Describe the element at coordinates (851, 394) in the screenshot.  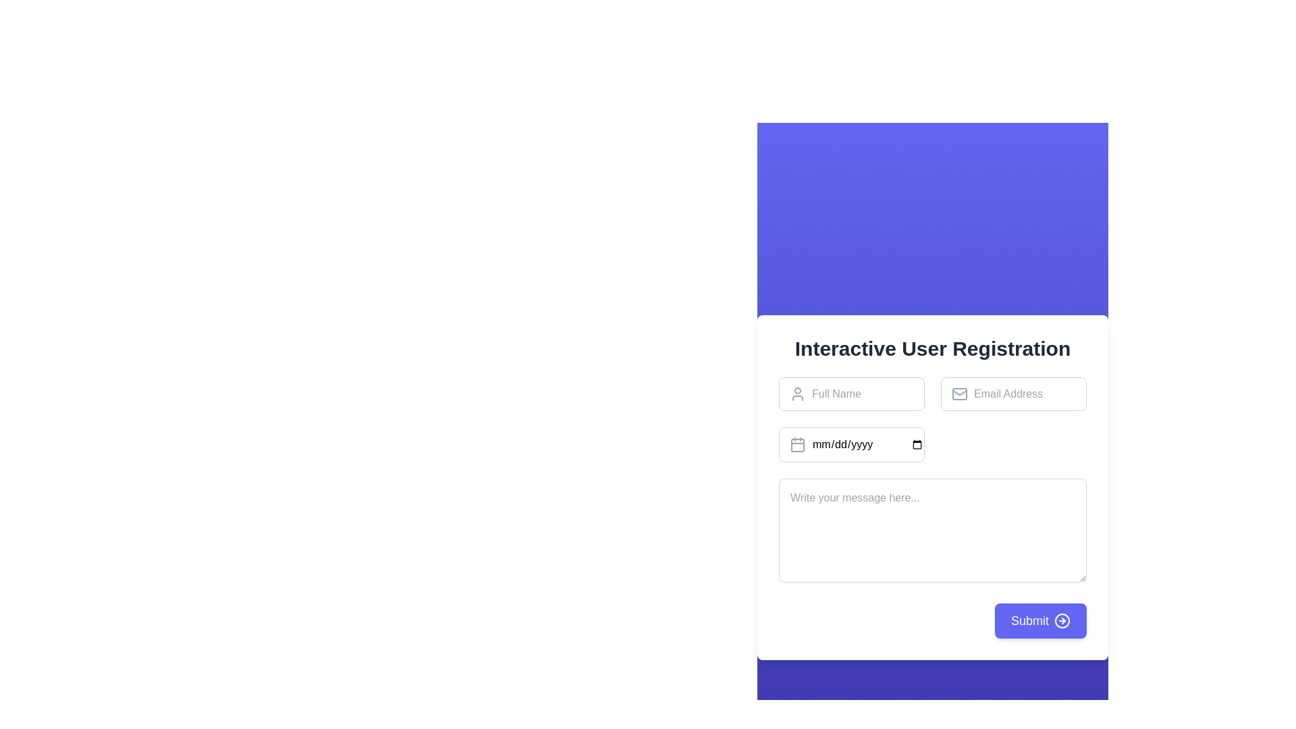
I see `the text input field for 'Full Name'` at that location.